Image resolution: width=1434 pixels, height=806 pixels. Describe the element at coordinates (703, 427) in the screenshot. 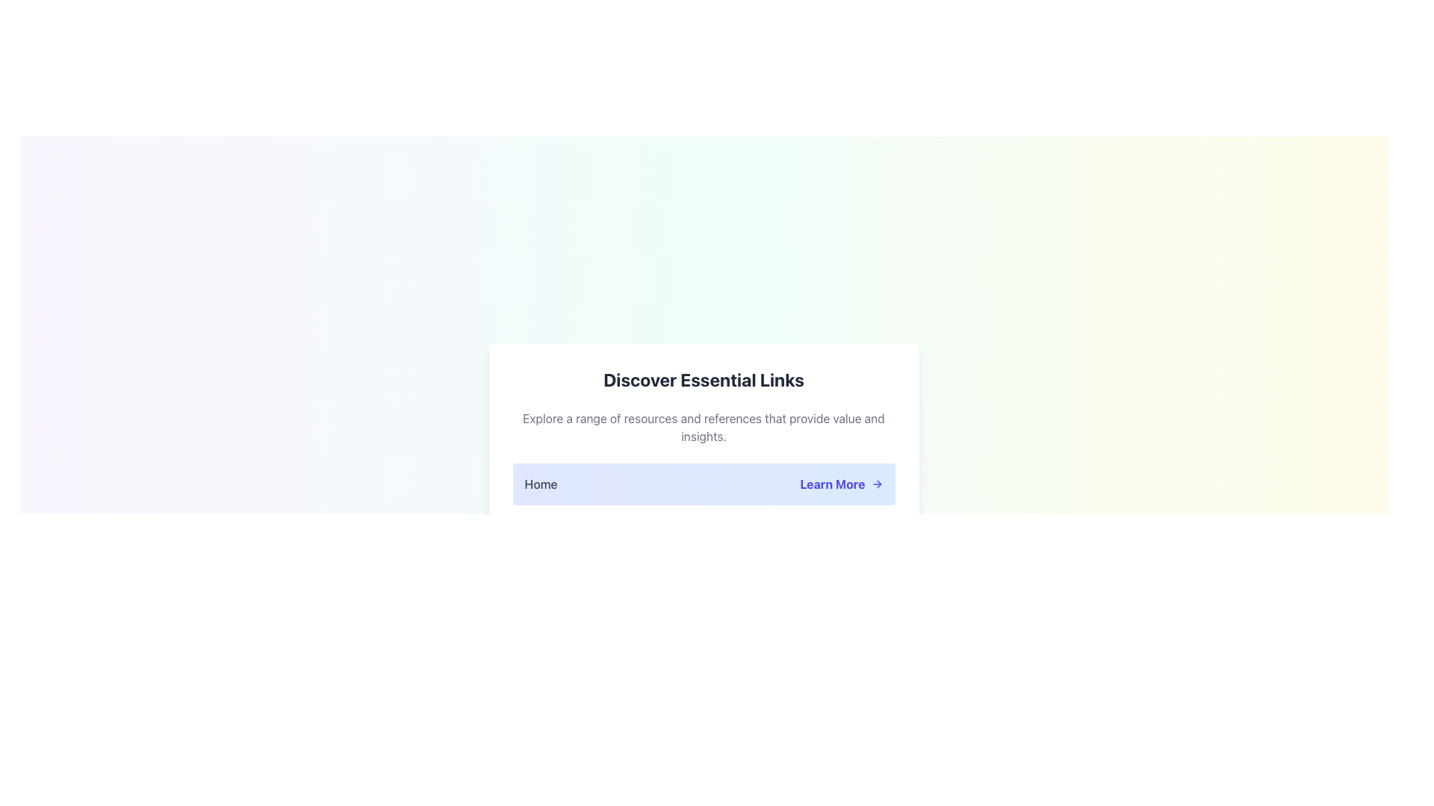

I see `the static text element located below the heading 'Discover Essential Links' and above the first link in a list of navigation options` at that location.